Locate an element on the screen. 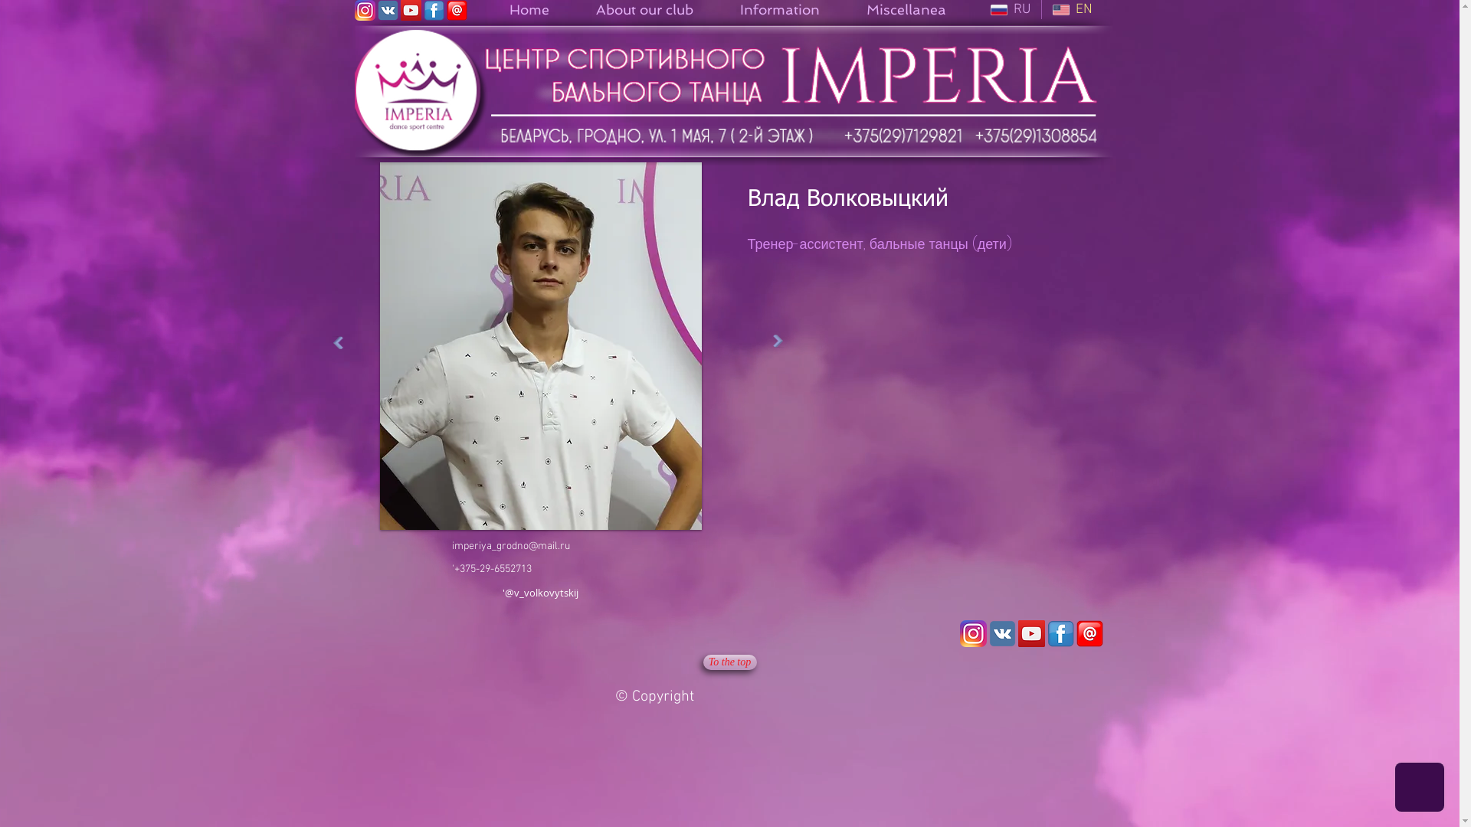  'EN' is located at coordinates (1071, 9).